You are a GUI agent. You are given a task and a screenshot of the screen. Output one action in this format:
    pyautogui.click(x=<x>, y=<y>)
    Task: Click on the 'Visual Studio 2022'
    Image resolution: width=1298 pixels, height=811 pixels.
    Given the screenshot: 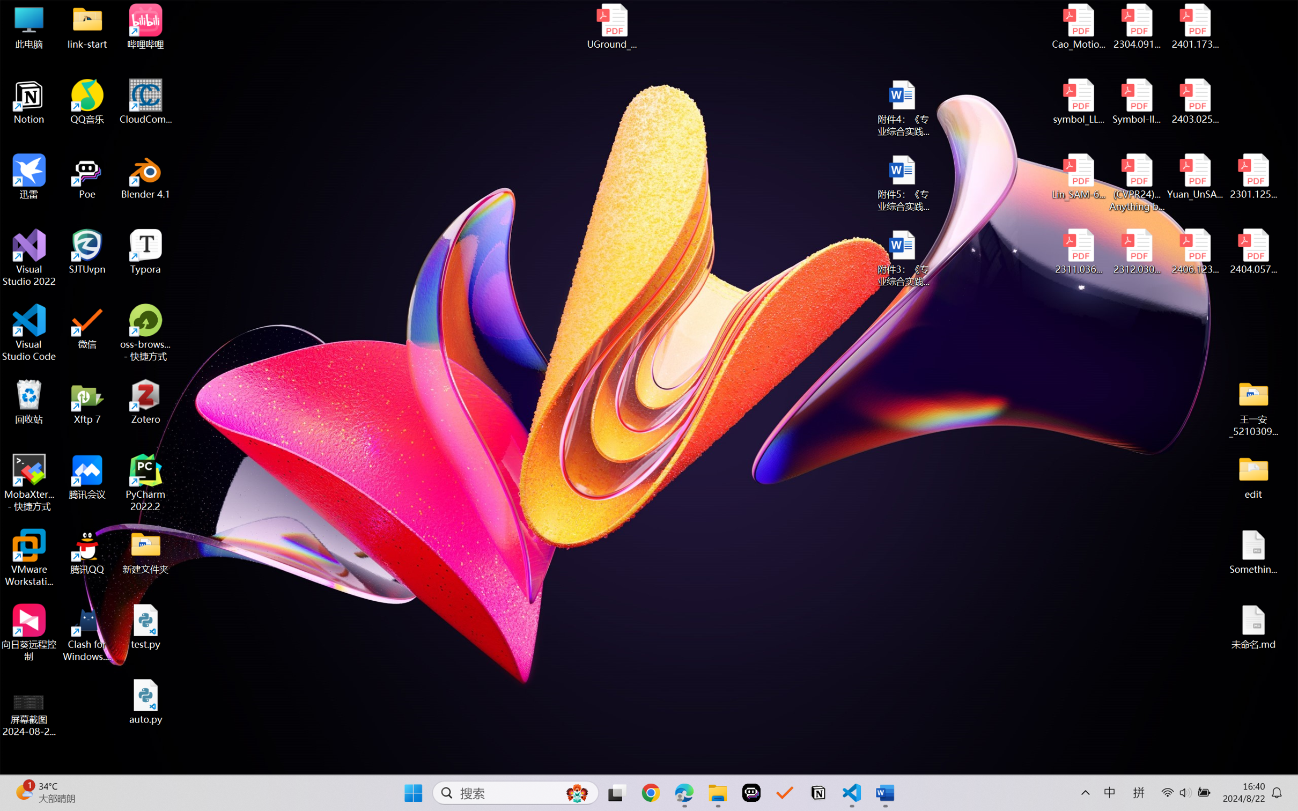 What is the action you would take?
    pyautogui.click(x=28, y=258)
    